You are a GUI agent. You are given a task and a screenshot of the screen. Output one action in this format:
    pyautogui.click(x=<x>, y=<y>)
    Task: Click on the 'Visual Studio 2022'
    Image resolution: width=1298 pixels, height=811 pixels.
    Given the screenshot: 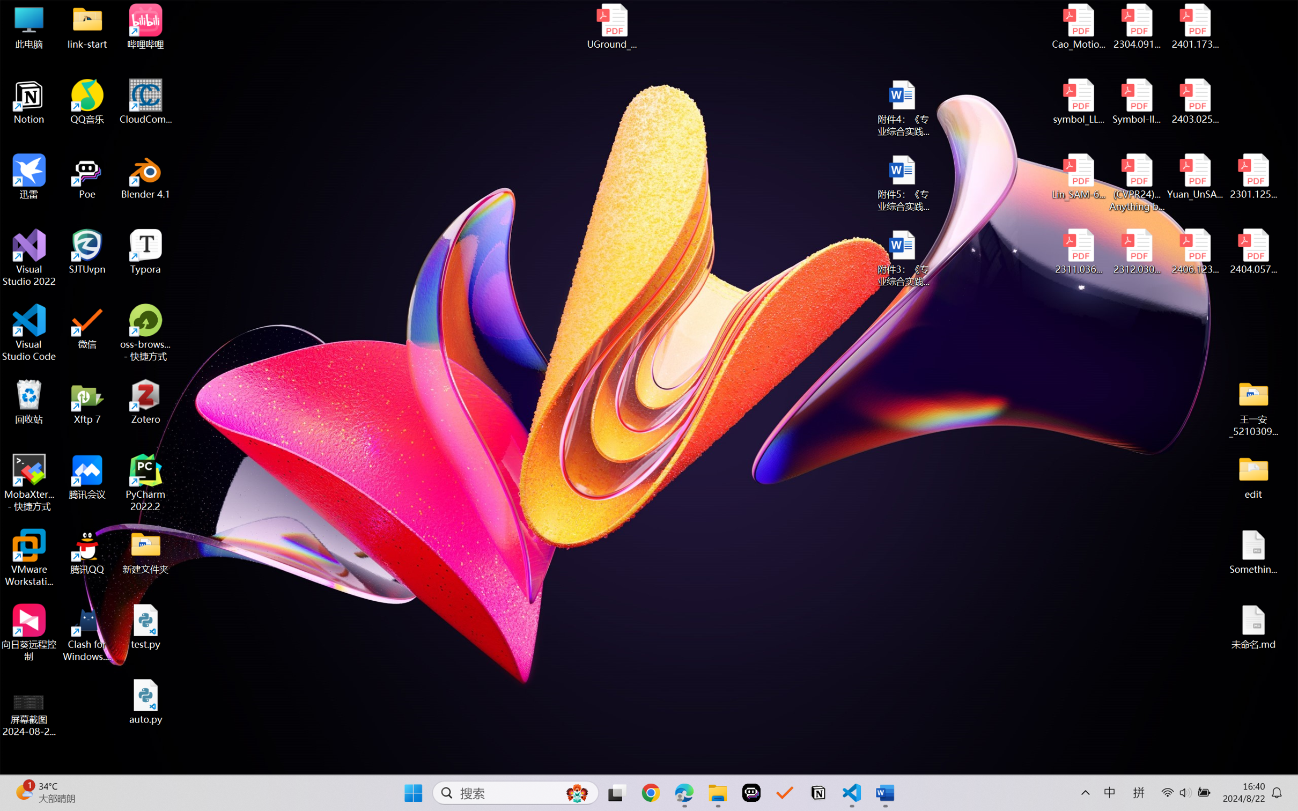 What is the action you would take?
    pyautogui.click(x=28, y=258)
    